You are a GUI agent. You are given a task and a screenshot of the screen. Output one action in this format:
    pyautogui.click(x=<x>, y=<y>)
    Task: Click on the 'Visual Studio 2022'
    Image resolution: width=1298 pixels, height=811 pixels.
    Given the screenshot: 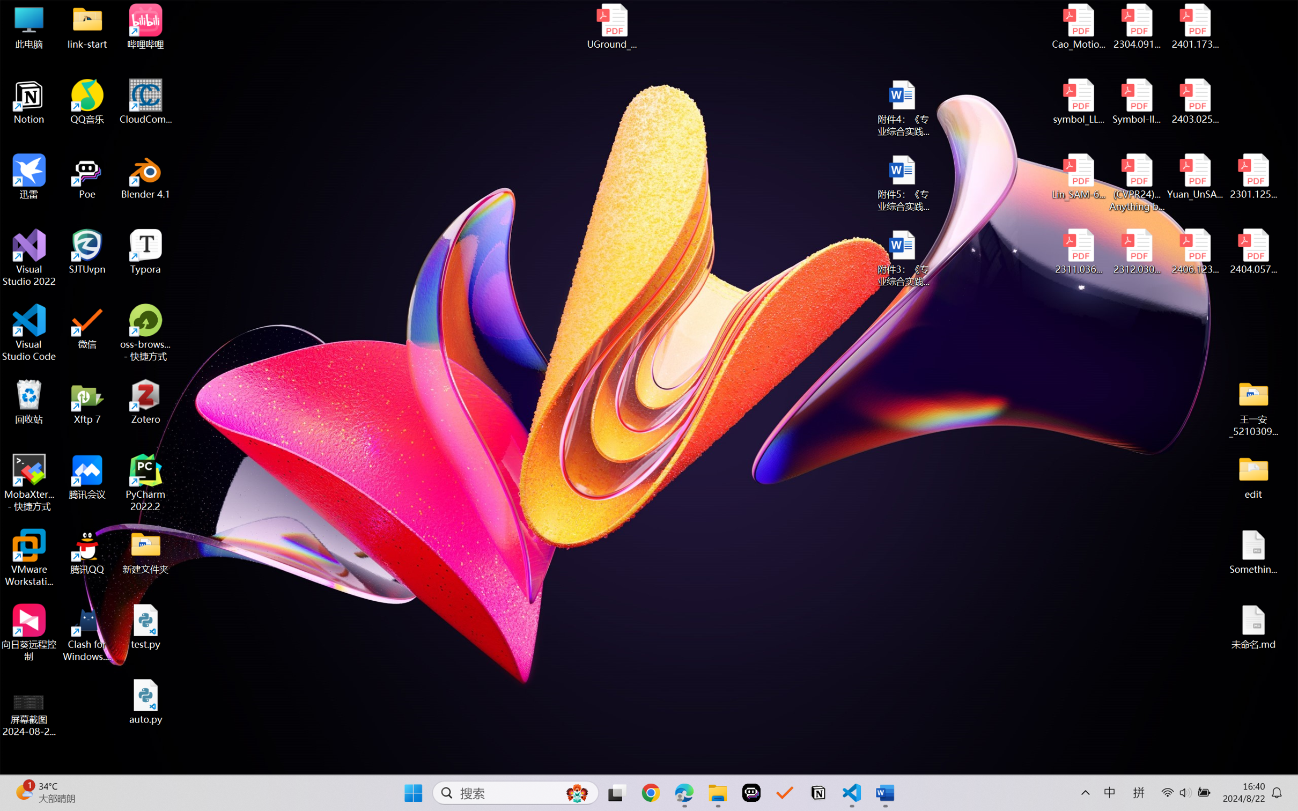 What is the action you would take?
    pyautogui.click(x=28, y=258)
    